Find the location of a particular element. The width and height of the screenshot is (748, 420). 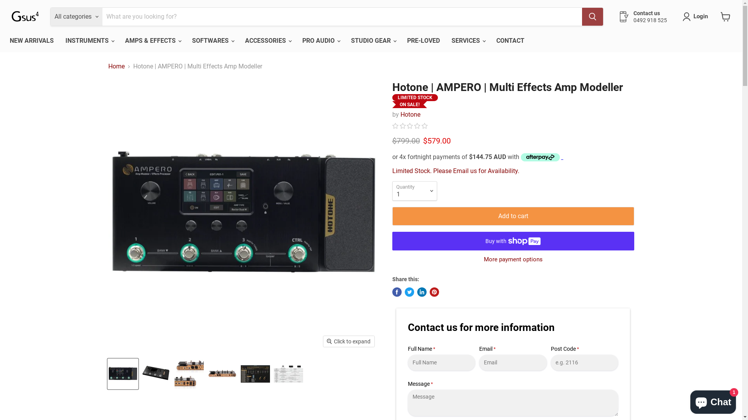

'CONTACT' is located at coordinates (490, 40).